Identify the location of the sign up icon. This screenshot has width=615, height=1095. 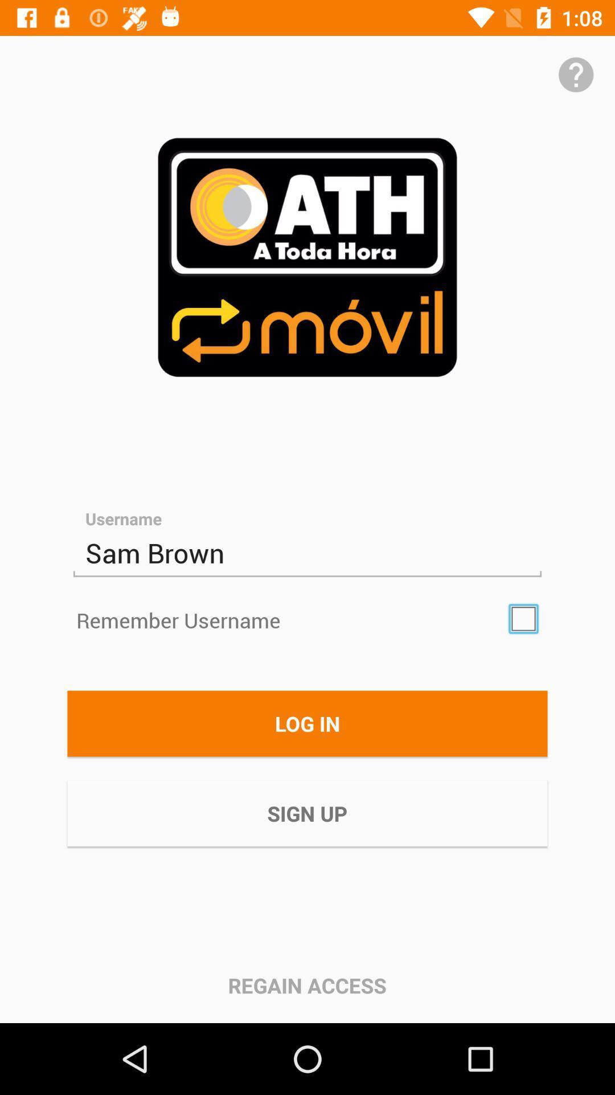
(307, 813).